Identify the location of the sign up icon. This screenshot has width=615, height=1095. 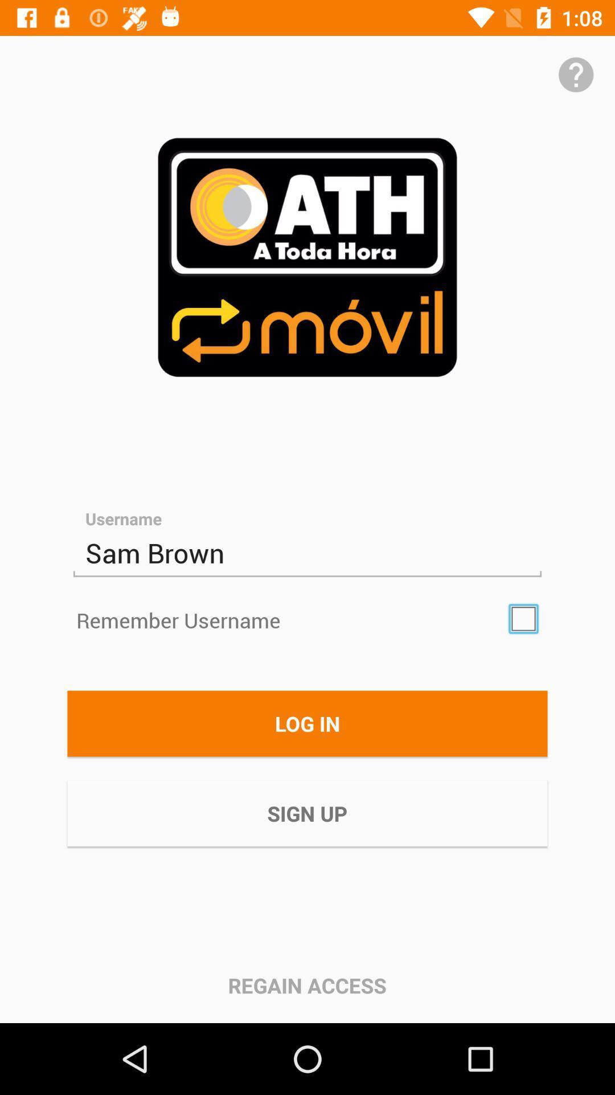
(307, 813).